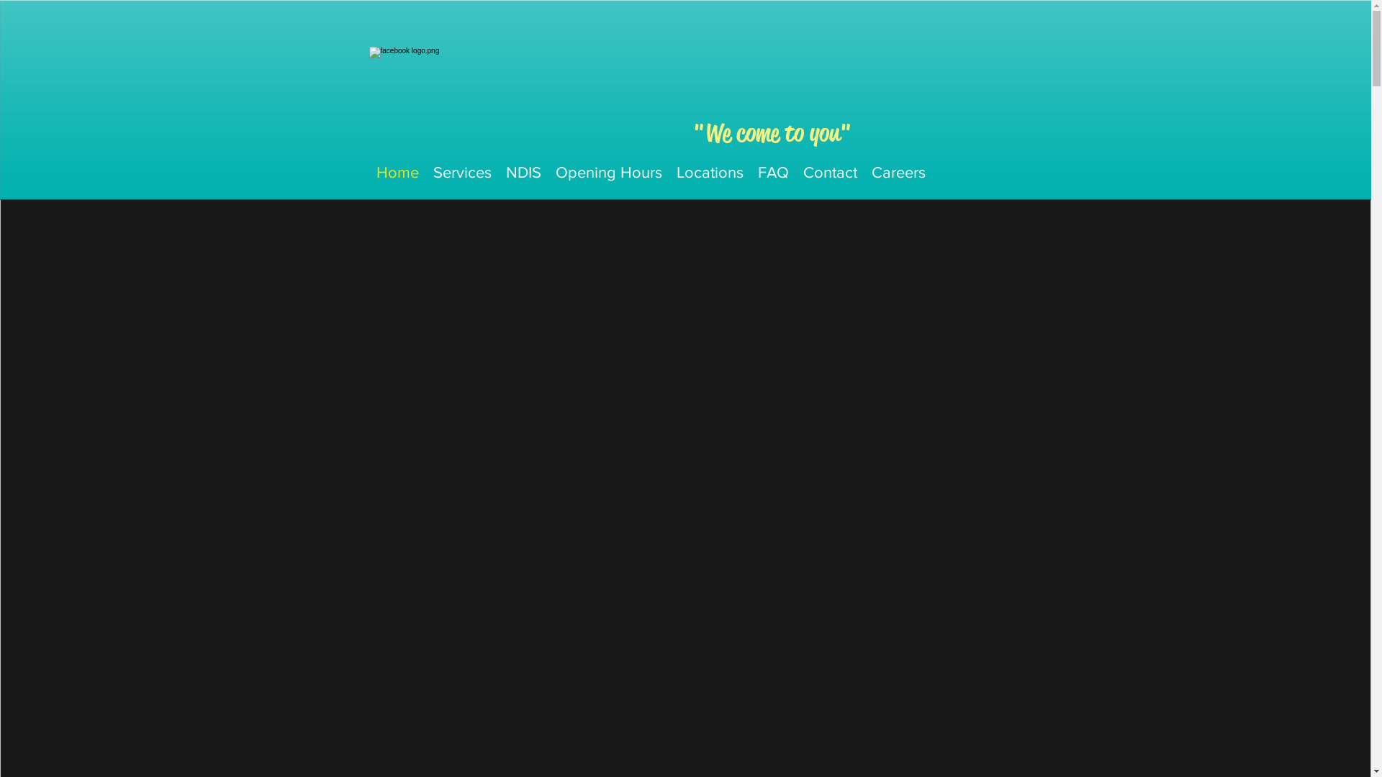 Image resolution: width=1382 pixels, height=777 pixels. What do you see at coordinates (710, 171) in the screenshot?
I see `'Locations'` at bounding box center [710, 171].